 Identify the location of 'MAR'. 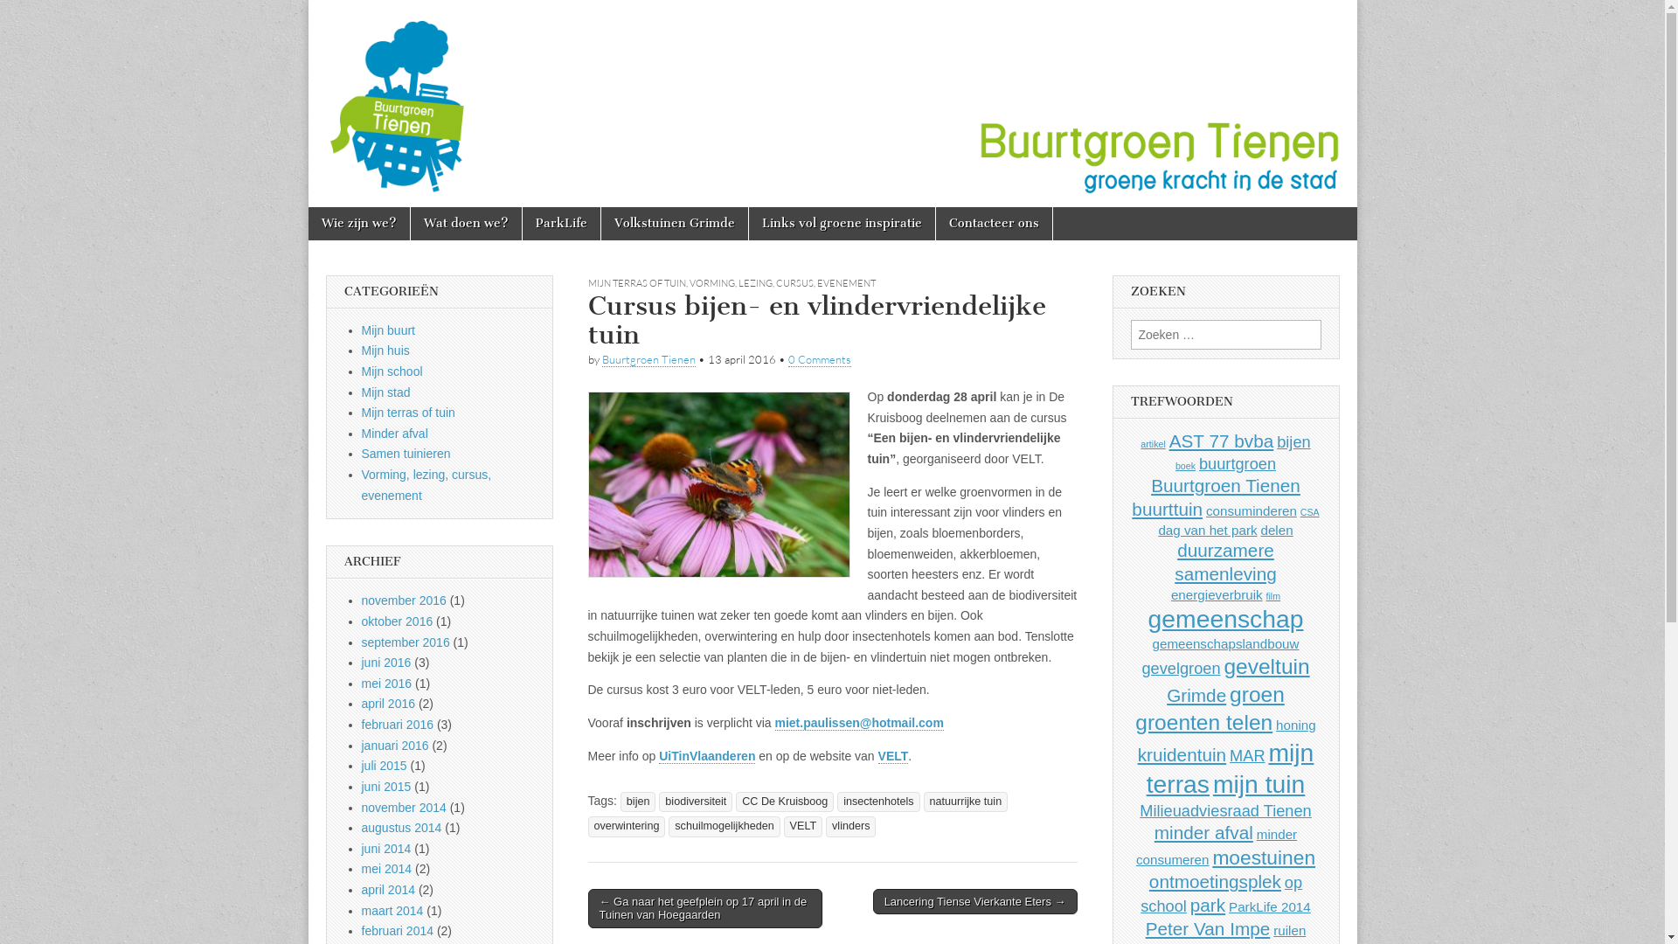
(1246, 754).